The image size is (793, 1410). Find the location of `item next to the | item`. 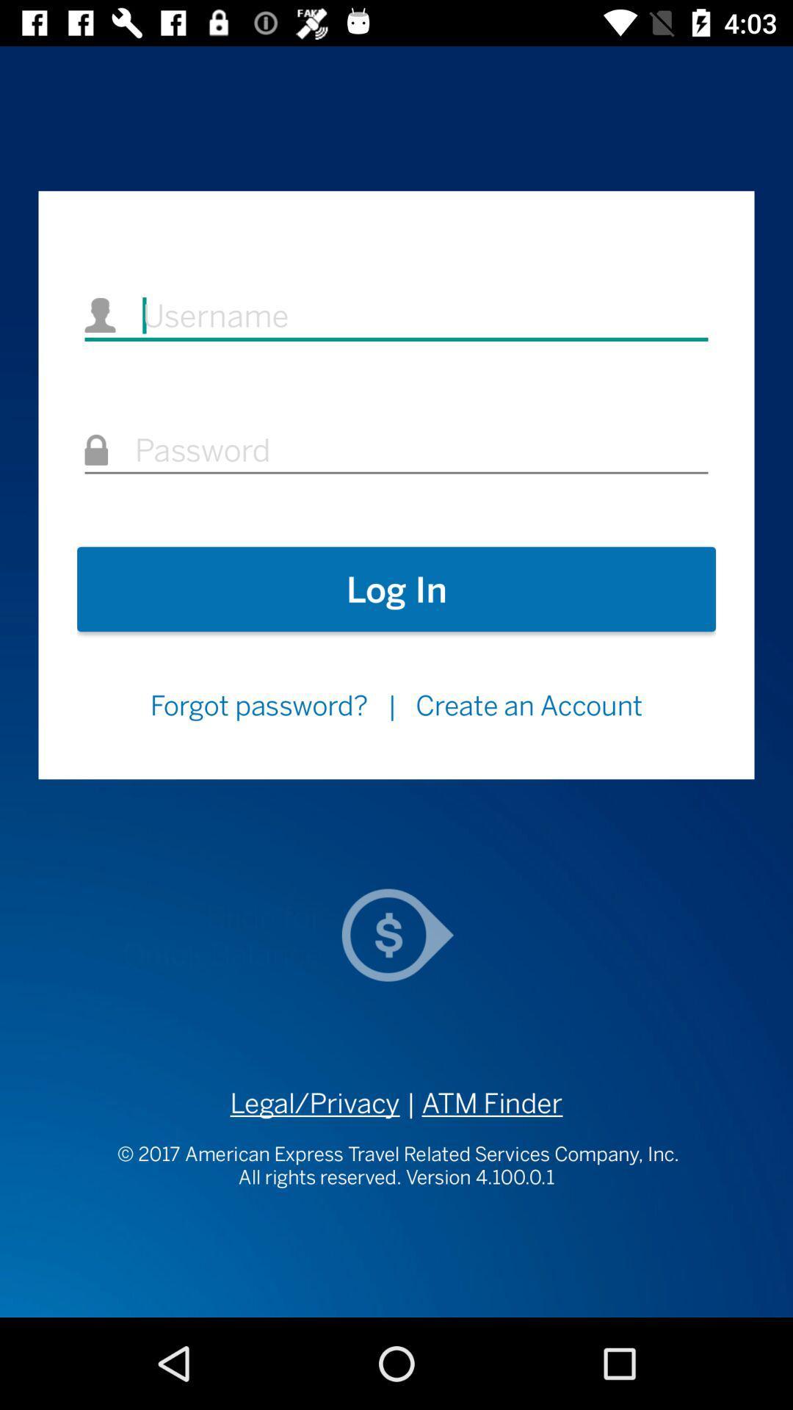

item next to the | item is located at coordinates (529, 705).